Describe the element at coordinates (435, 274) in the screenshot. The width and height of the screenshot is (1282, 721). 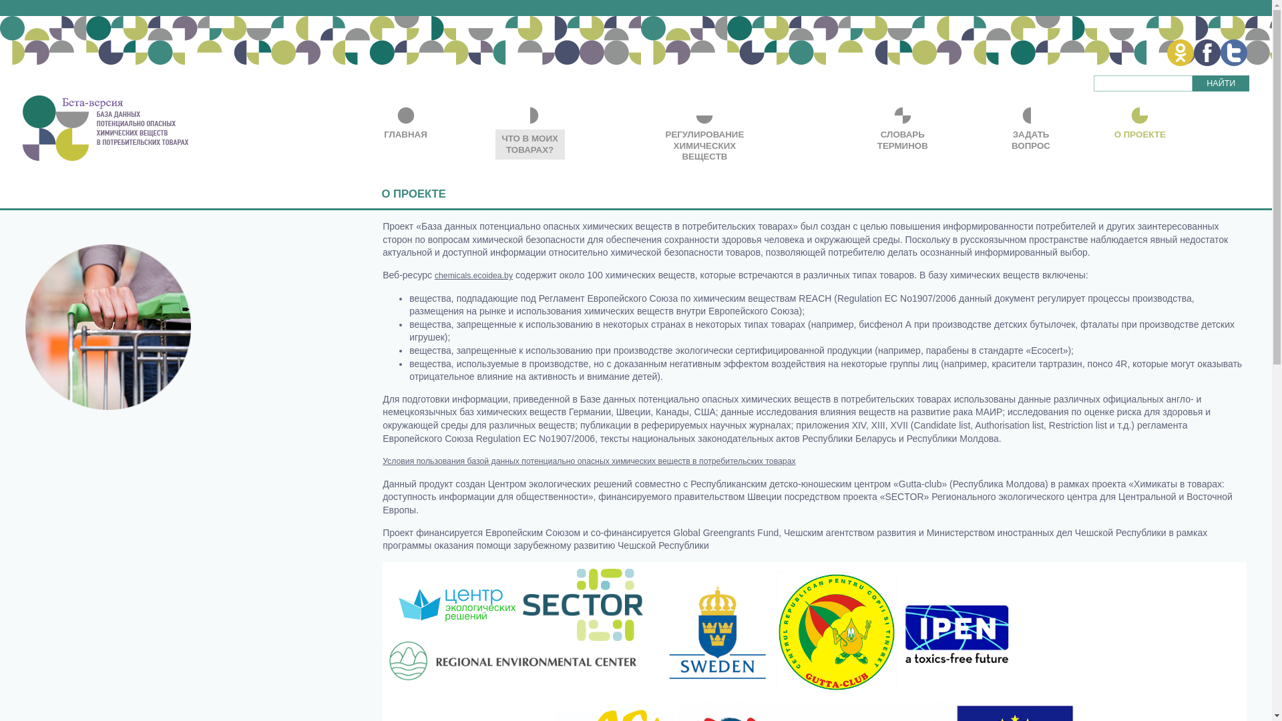
I see `'chemicals.ecoidea.by'` at that location.